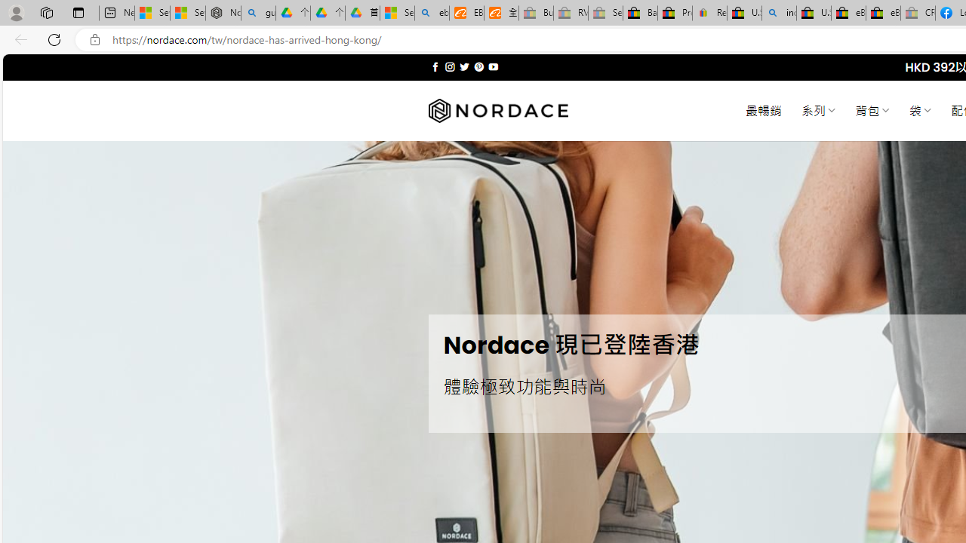 The height and width of the screenshot is (543, 966). I want to click on 'guge yunpan - Search', so click(258, 13).